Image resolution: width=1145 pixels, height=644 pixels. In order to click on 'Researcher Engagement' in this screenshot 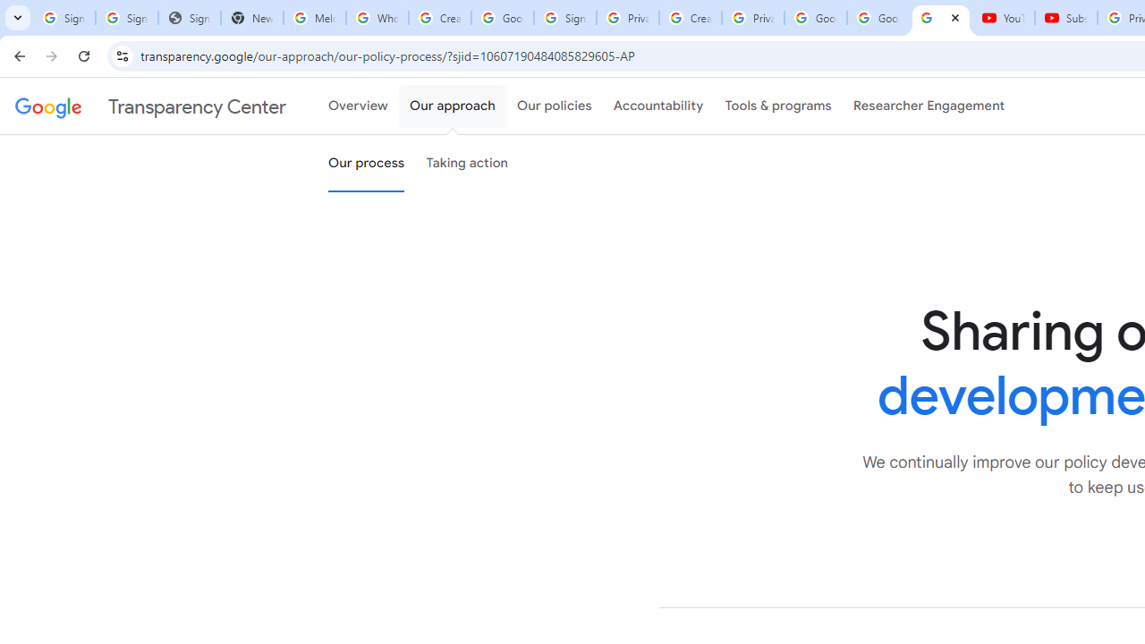, I will do `click(929, 106)`.